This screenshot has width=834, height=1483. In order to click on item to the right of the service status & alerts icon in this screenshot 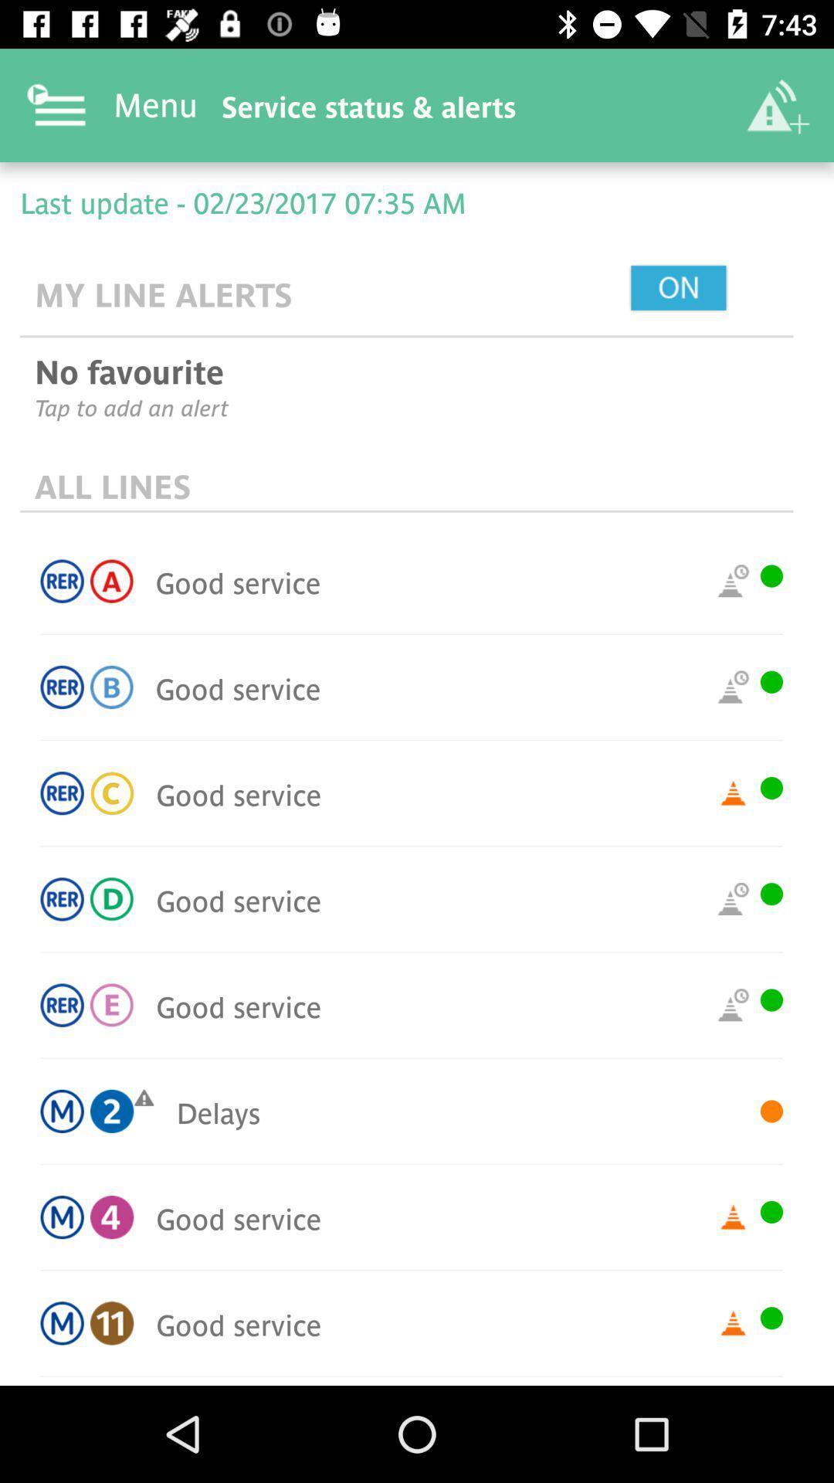, I will do `click(777, 104)`.